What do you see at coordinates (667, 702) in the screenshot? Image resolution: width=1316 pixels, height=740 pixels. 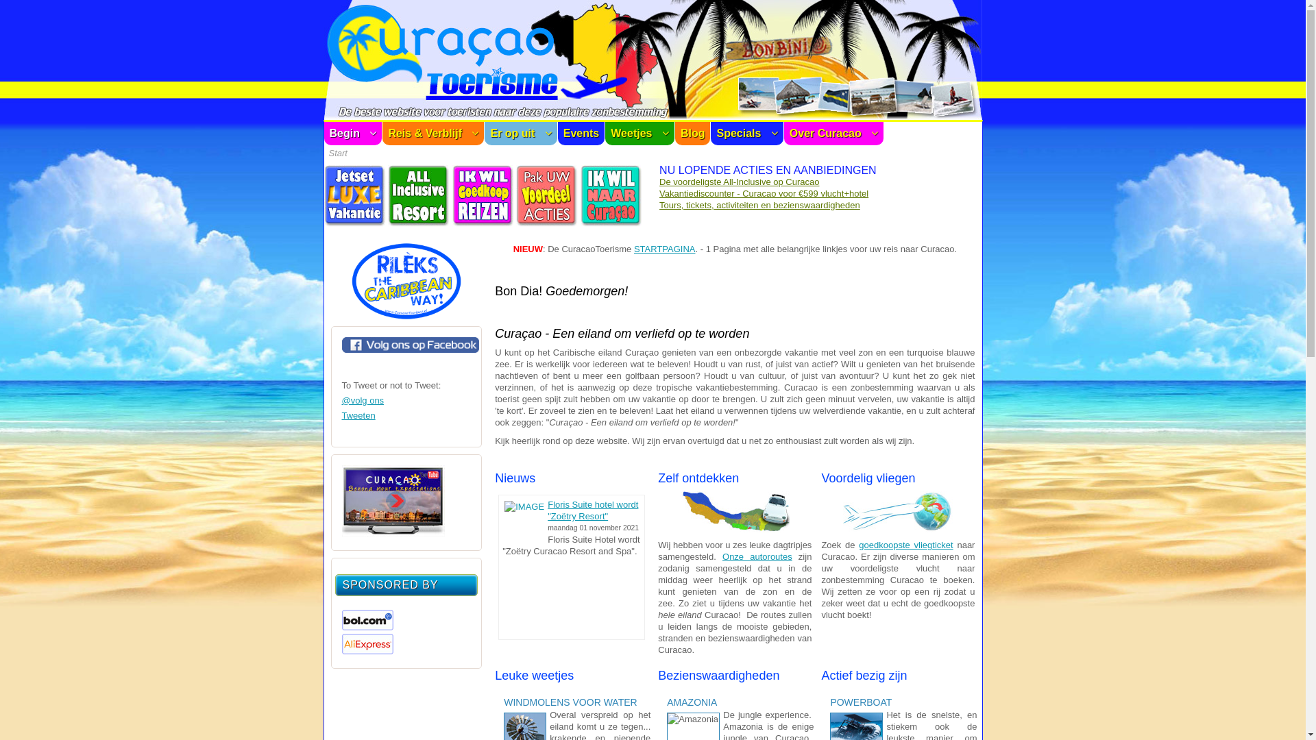 I see `'AMAZONIA'` at bounding box center [667, 702].